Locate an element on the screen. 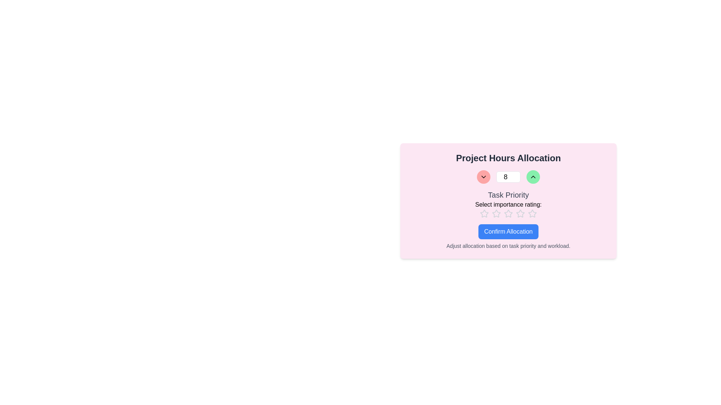 The image size is (721, 405). the text label containing the message 'Adjust allocation based on task priority and workload.' which is styled in a small gray font and located beneath the 'Confirm Allocation' button is located at coordinates (508, 246).